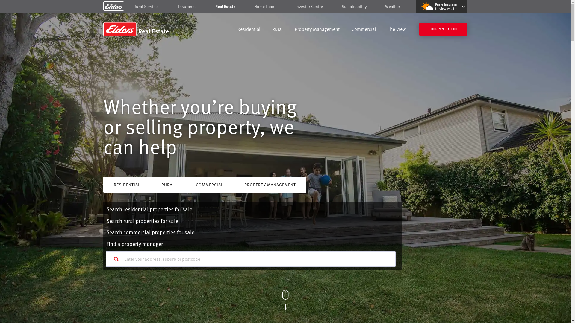 This screenshot has width=575, height=323. Describe the element at coordinates (254, 6) in the screenshot. I see `'Home Loans'` at that location.